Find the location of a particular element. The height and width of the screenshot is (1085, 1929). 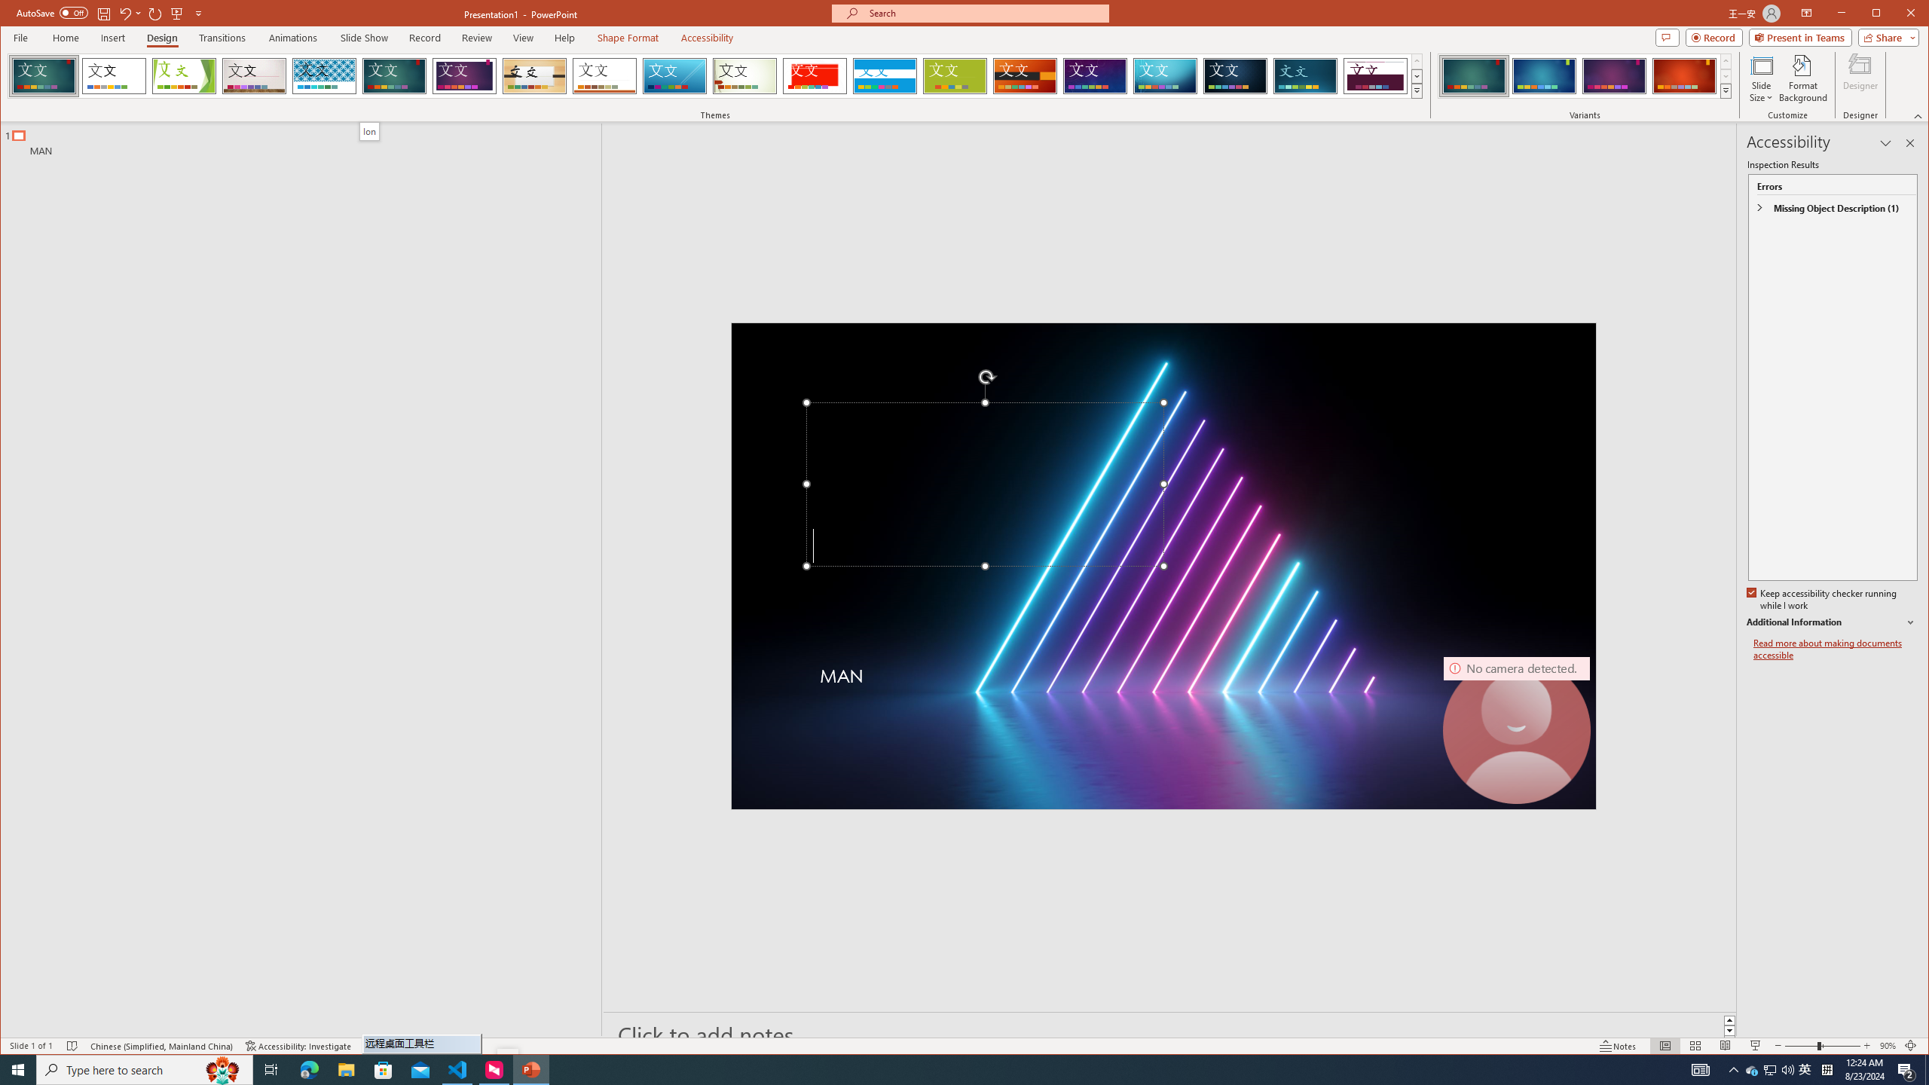

'Task View' is located at coordinates (270, 1068).